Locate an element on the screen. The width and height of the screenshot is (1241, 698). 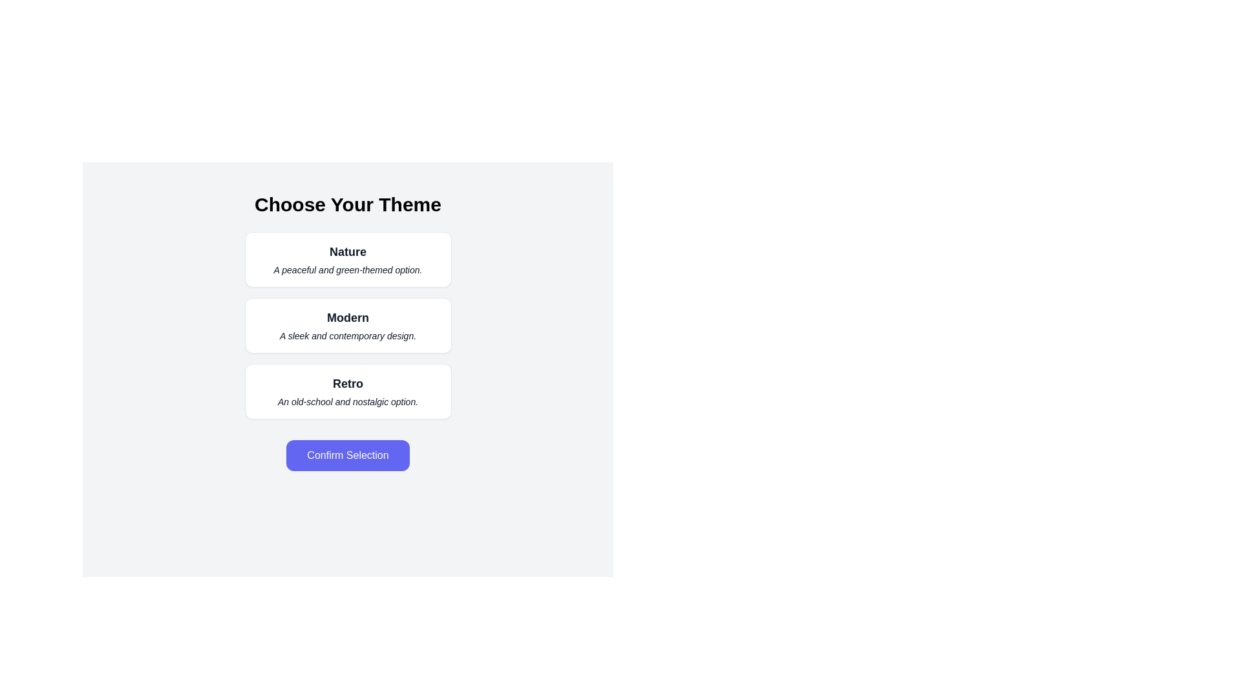
text content of the static text element that serves as the title for the 'Modern' theme option, located at the center of the second option card in the theme selection interface is located at coordinates (348, 318).